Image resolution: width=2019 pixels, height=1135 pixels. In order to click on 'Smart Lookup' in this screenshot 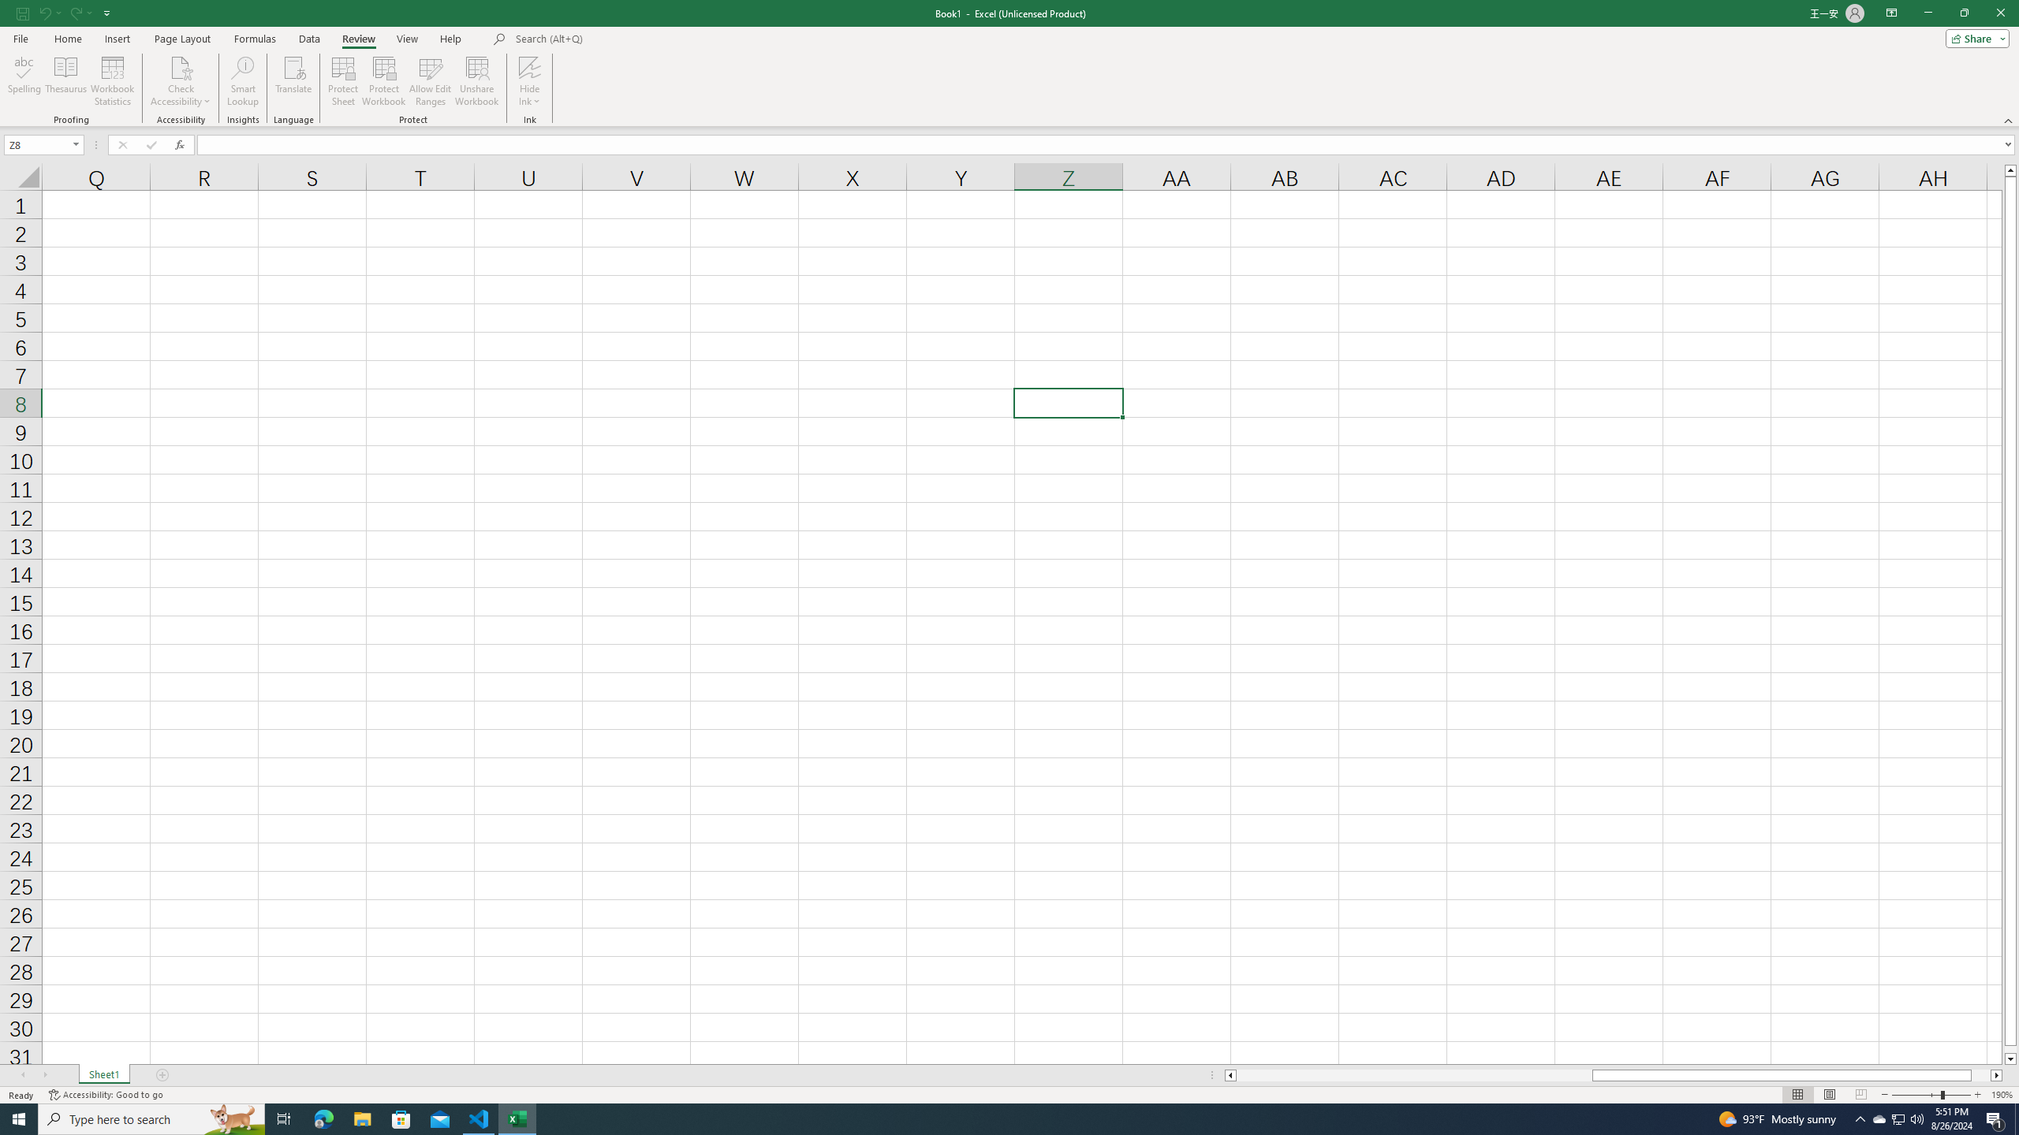, I will do `click(242, 81)`.